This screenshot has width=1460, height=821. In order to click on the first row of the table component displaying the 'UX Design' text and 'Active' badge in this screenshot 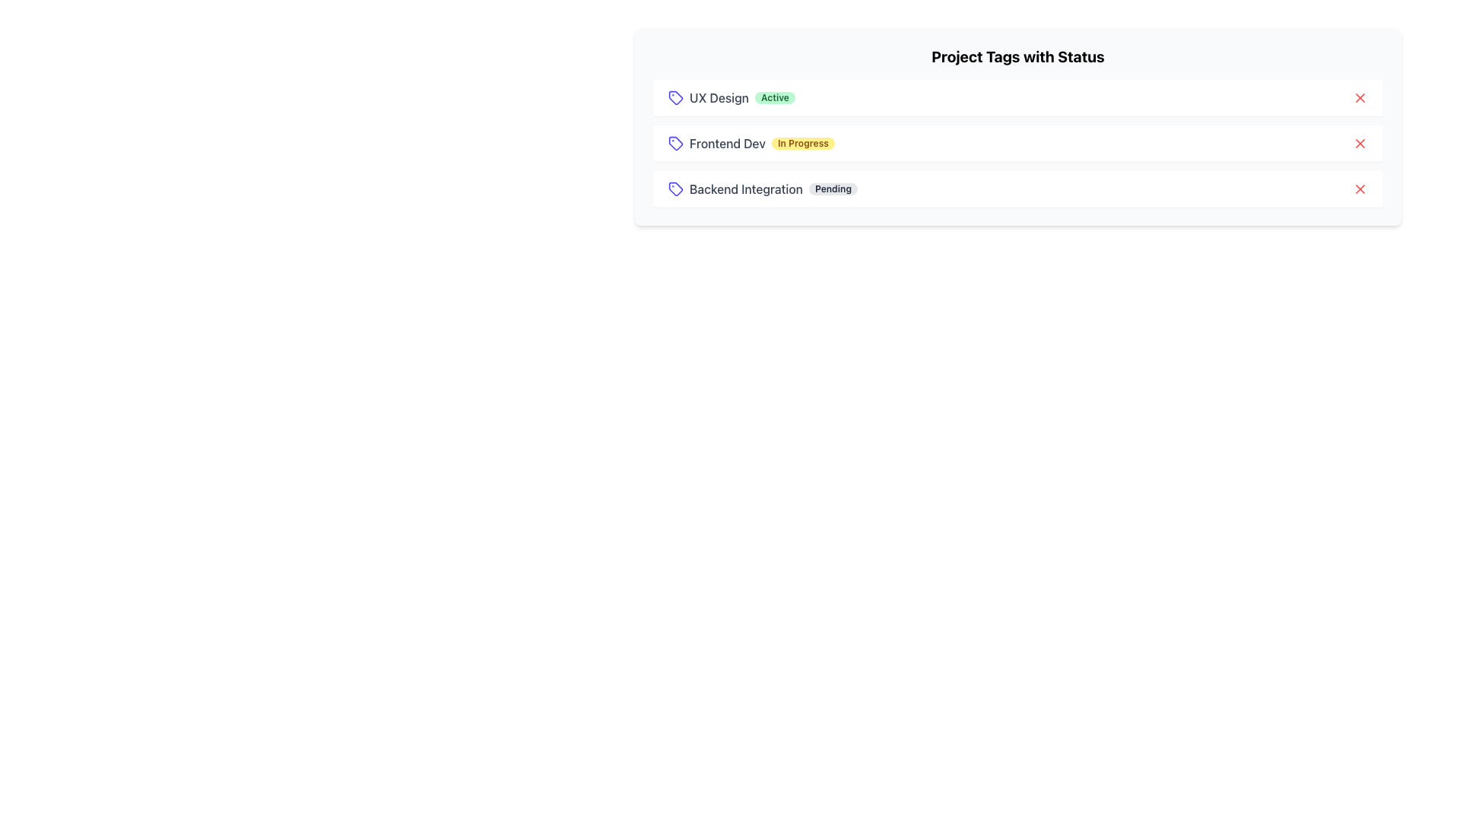, I will do `click(732, 97)`.